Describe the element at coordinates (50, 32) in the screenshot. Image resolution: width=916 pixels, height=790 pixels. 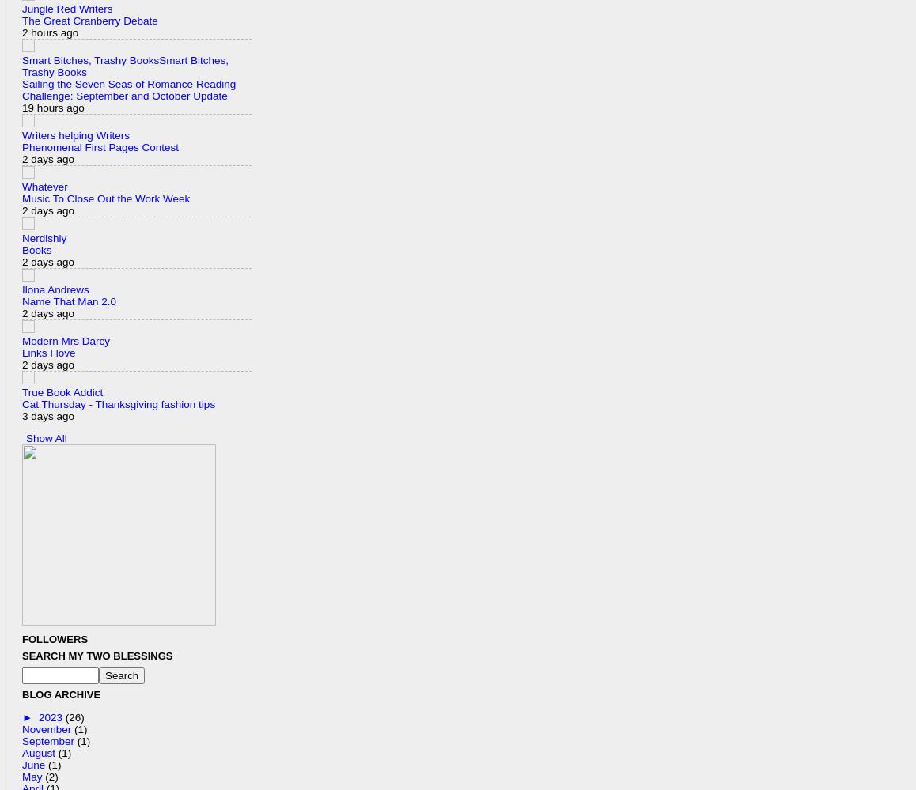
I see `'2 hours ago'` at that location.